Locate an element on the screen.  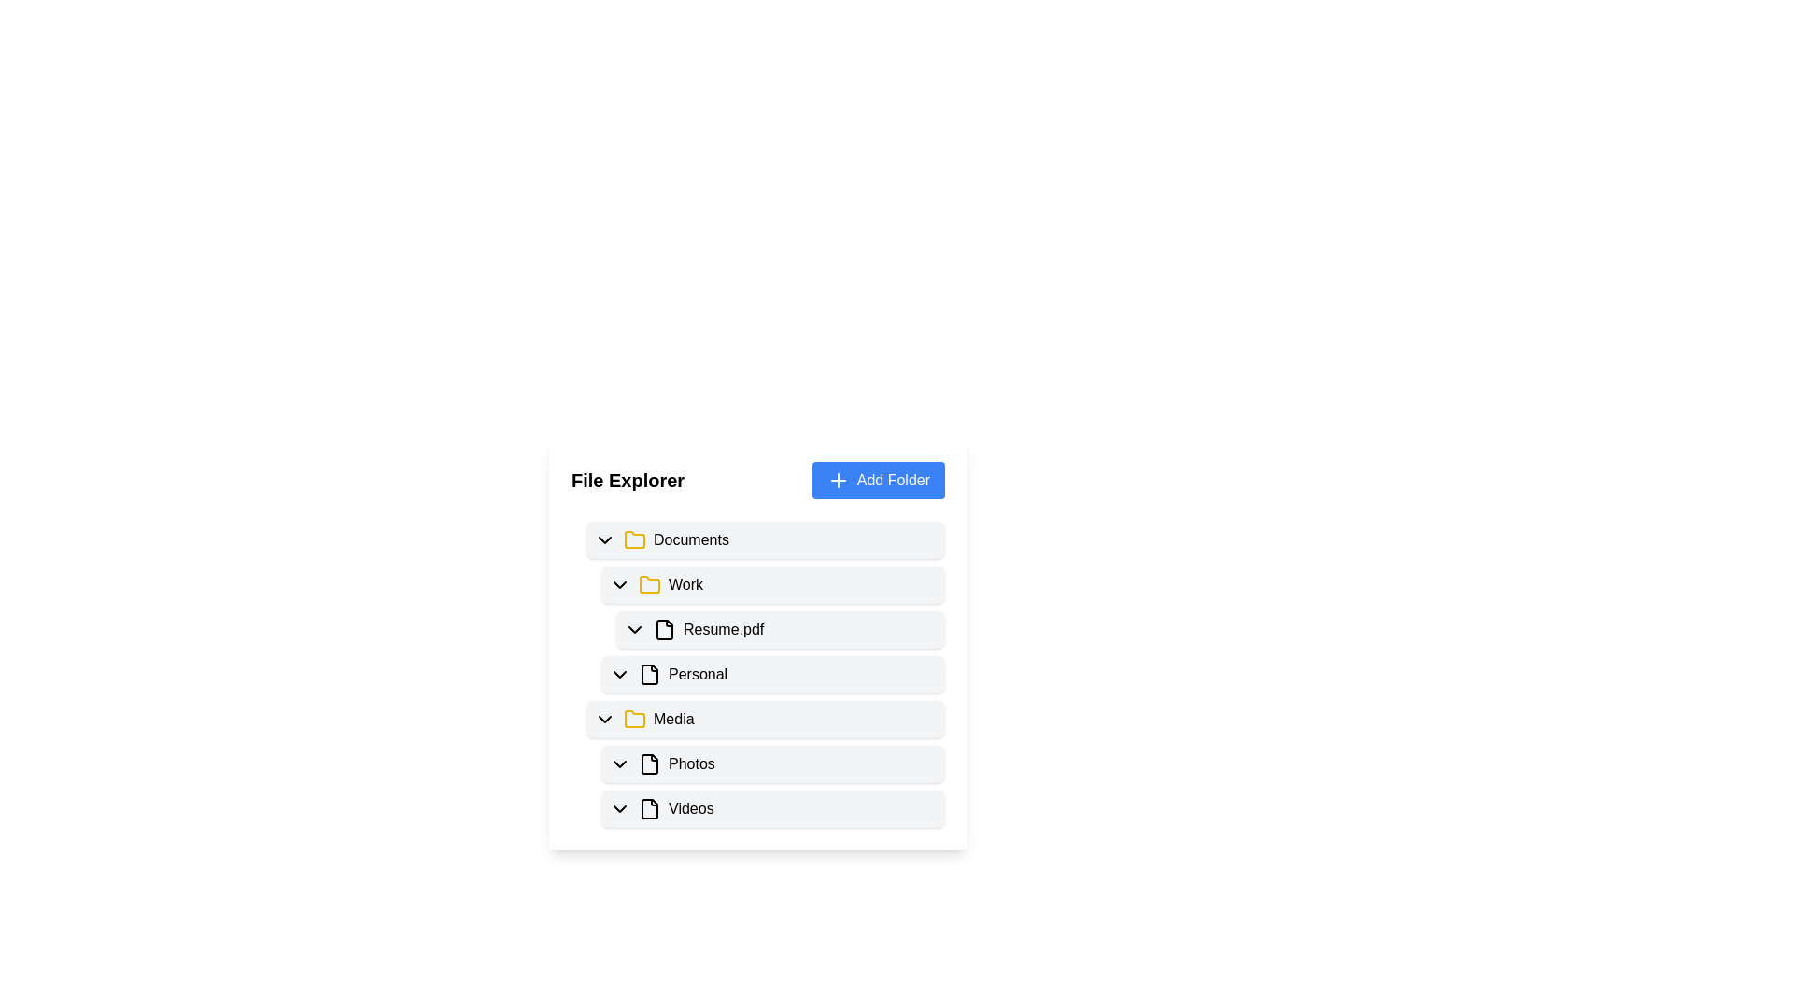
the rectangular document file icon located at the bottom-most file entry under the 'Media' directory, next to the label 'Videos' is located at coordinates (650, 808).